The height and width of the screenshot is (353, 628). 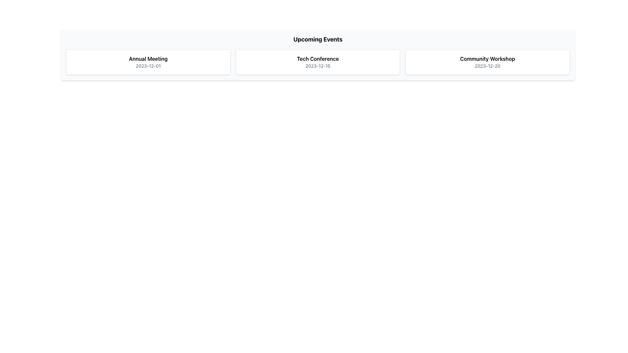 I want to click on the leftmost informational card displaying the event titled 'Annual Meeting' with the date '2023-12-01' in the 'Upcoming Events' section, so click(x=148, y=62).